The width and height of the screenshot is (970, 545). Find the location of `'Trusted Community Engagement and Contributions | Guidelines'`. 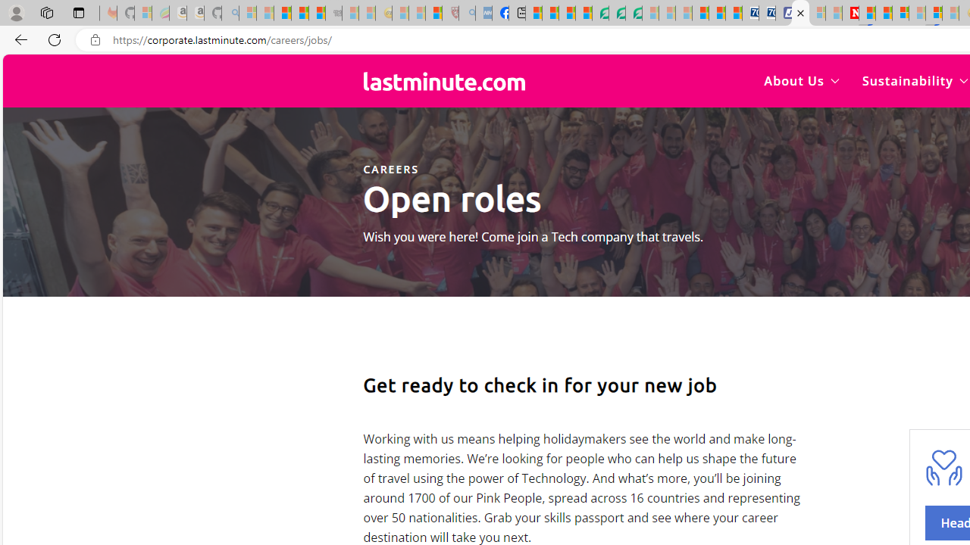

'Trusted Community Engagement and Contributions | Guidelines' is located at coordinates (867, 13).